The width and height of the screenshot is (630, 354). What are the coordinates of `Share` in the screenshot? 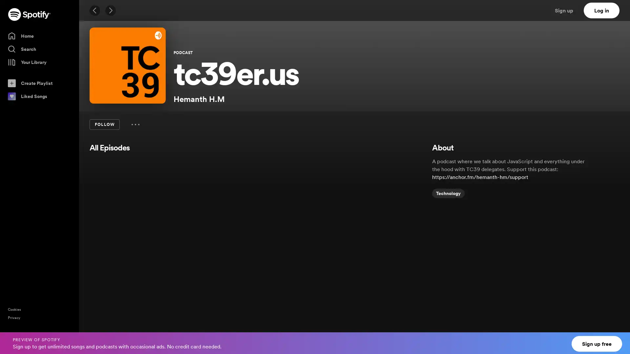 It's located at (387, 194).